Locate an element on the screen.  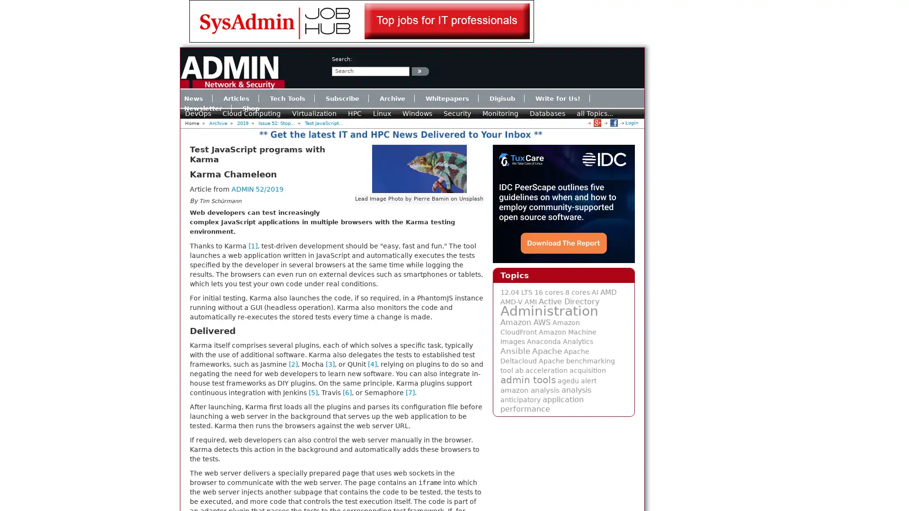
search: is located at coordinates (420, 70).